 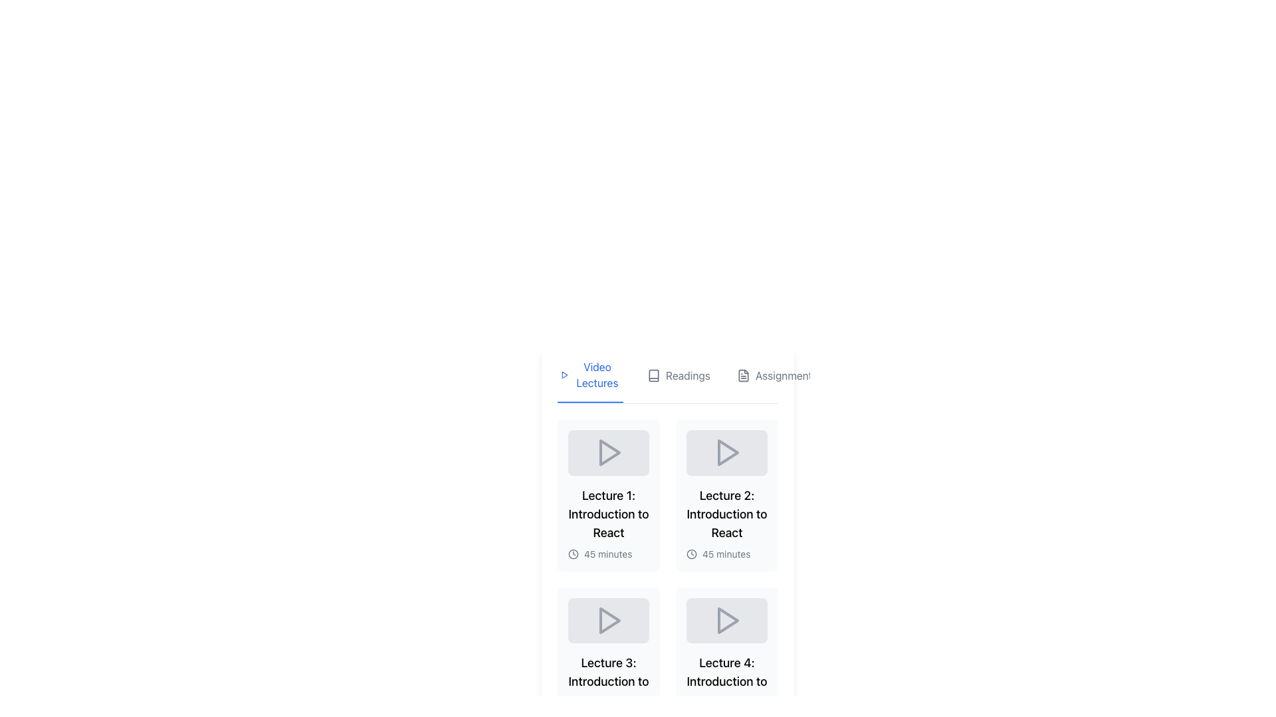 What do you see at coordinates (726, 619) in the screenshot?
I see `the play icon on the Video Thumbnail with Play Indicator located within the 'Lecture 4: Introduction to React' block` at bounding box center [726, 619].